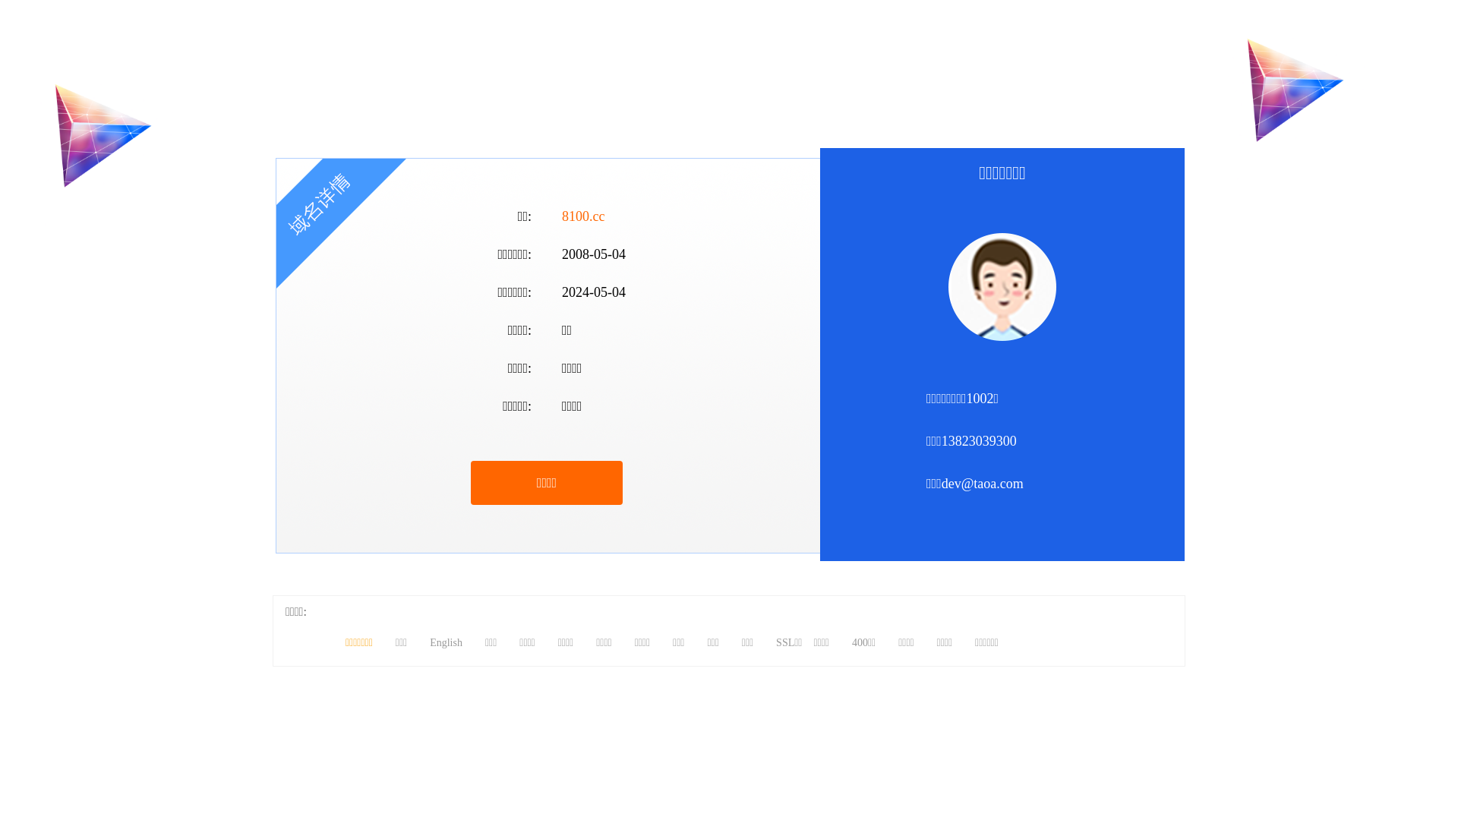  I want to click on 'English', so click(445, 642).